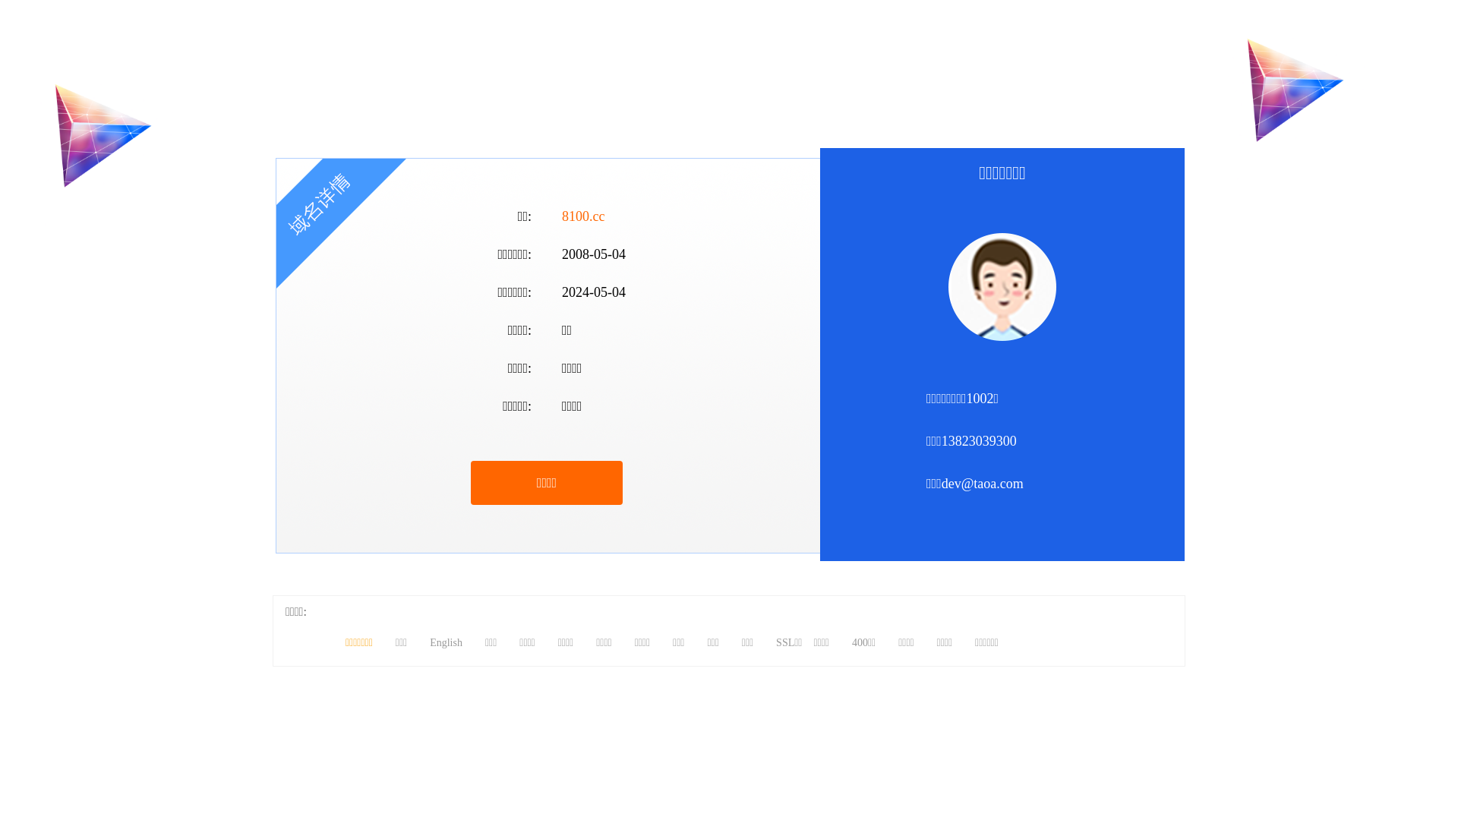  I want to click on 'English', so click(445, 642).